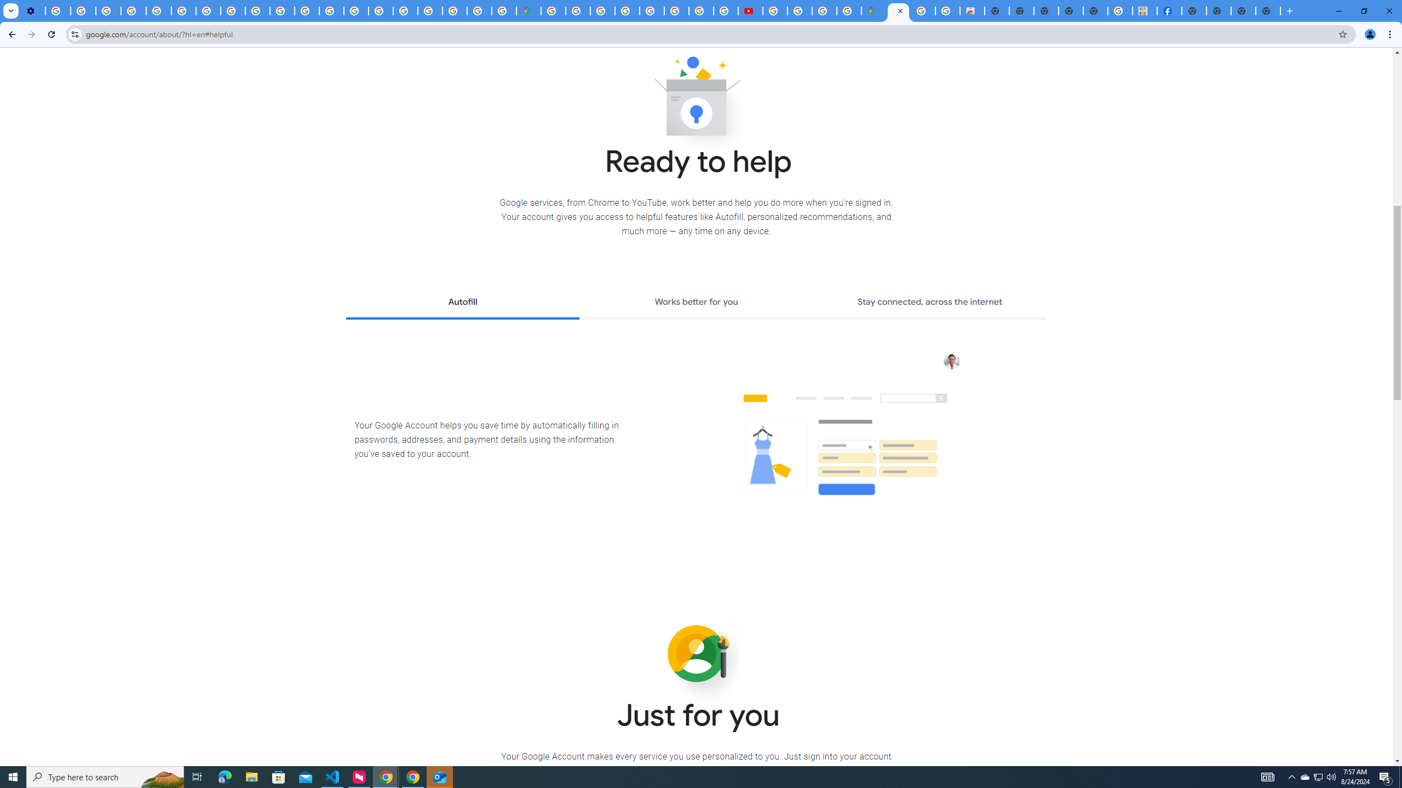 This screenshot has width=1402, height=788. What do you see at coordinates (528, 10) in the screenshot?
I see `'Google Maps'` at bounding box center [528, 10].